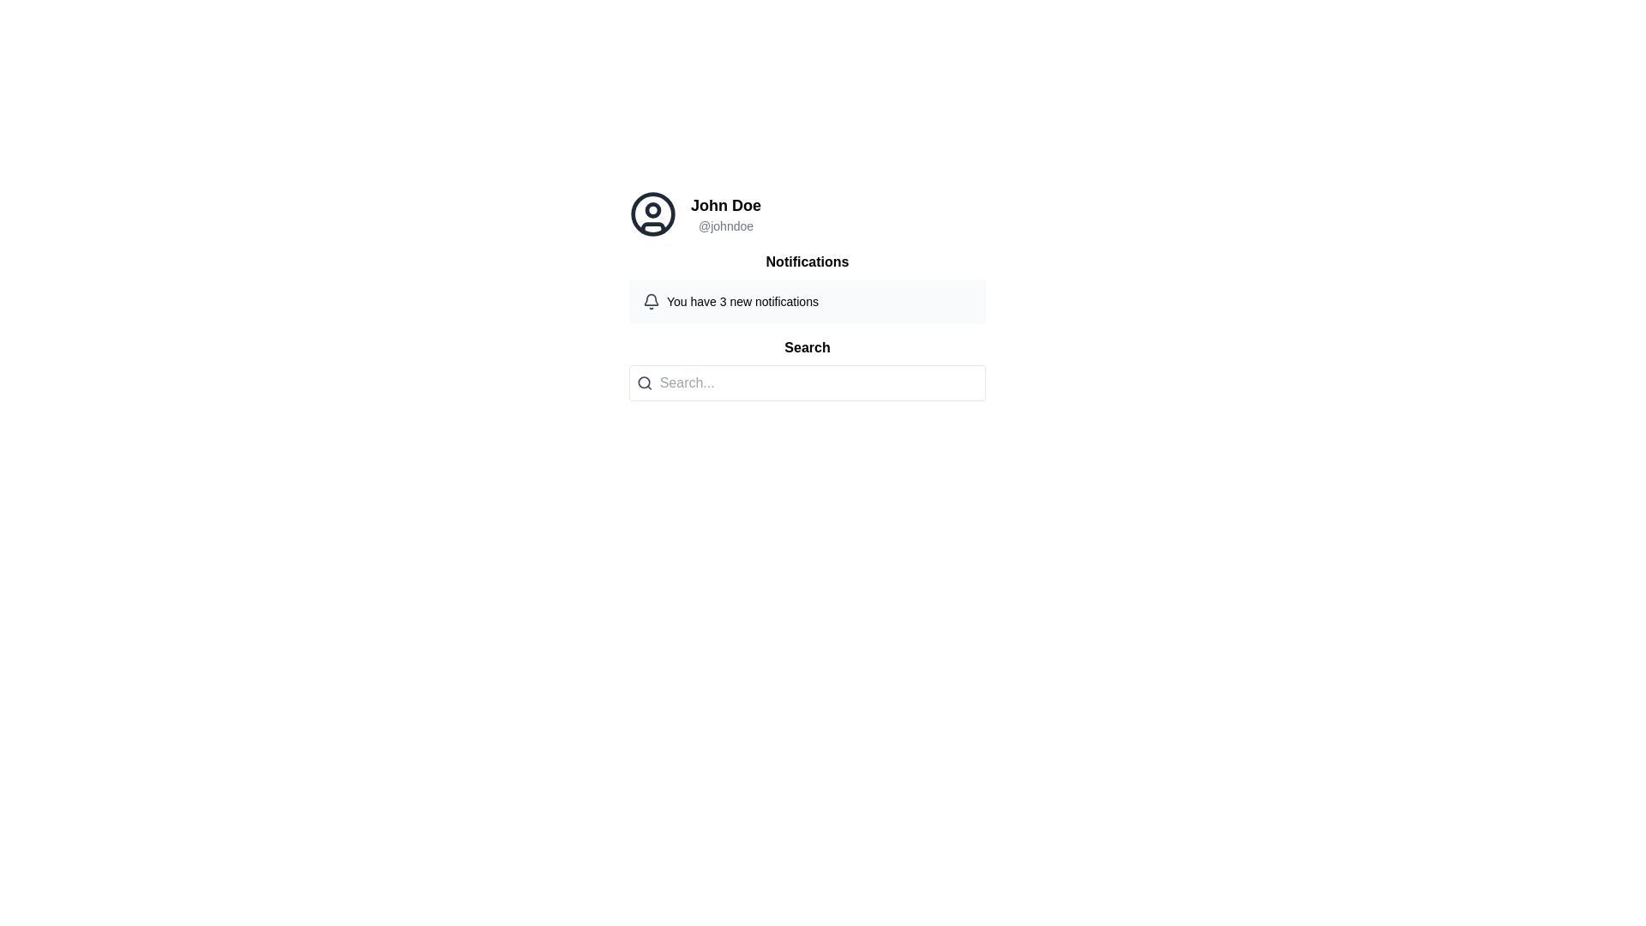  Describe the element at coordinates (806, 369) in the screenshot. I see `the search input field located below the 'Notifications' section to focus on it` at that location.